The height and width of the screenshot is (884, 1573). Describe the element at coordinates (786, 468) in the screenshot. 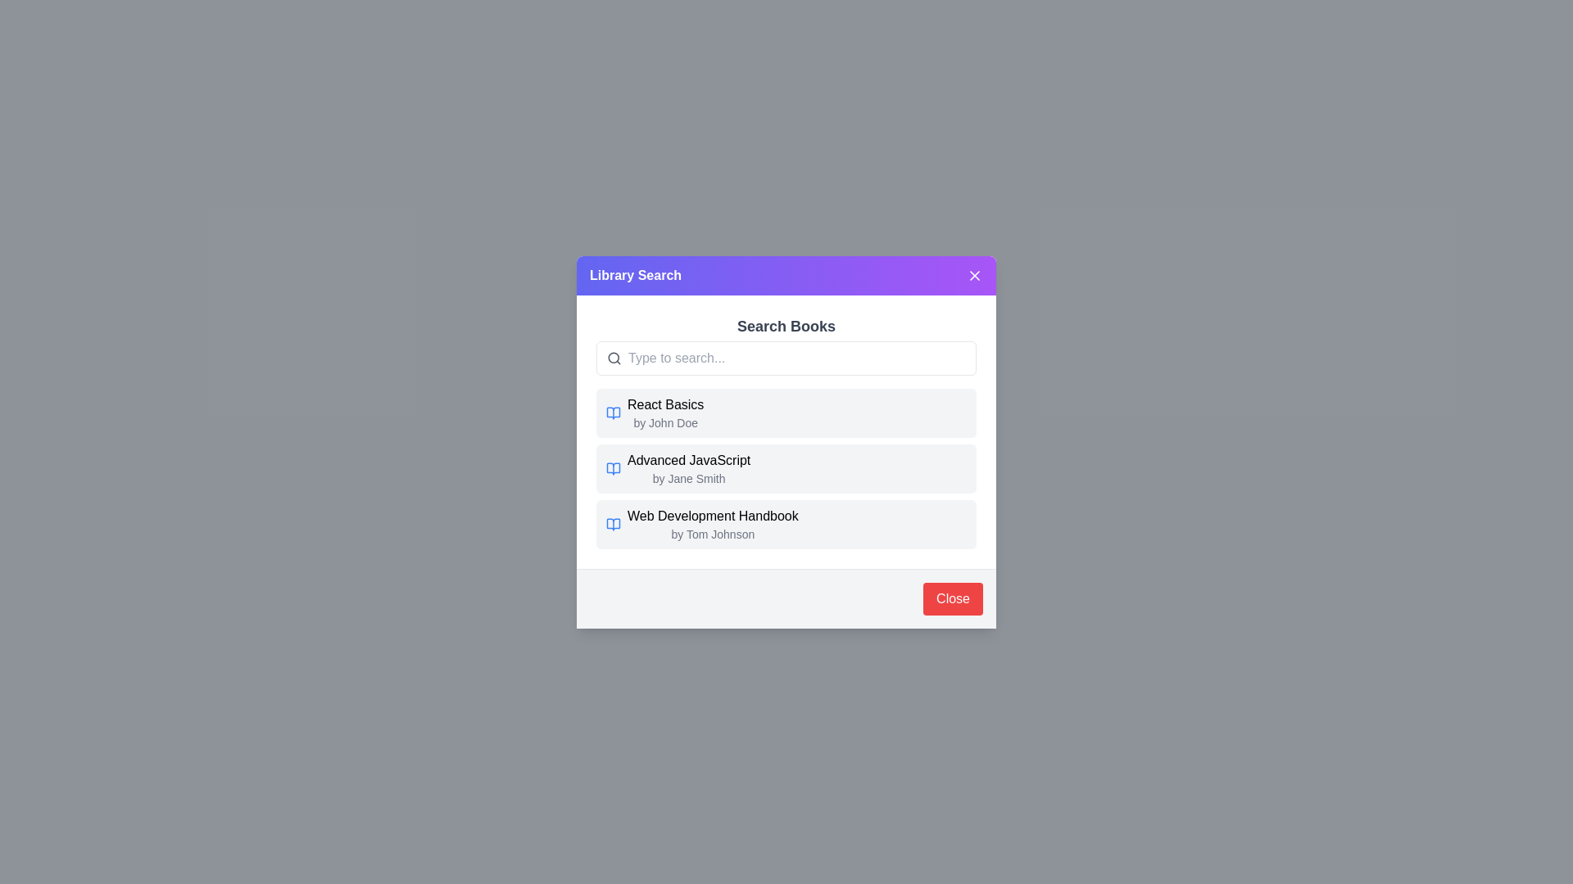

I see `the list item for the book titled 'Advanced JavaScript' by Jane Smith` at that location.